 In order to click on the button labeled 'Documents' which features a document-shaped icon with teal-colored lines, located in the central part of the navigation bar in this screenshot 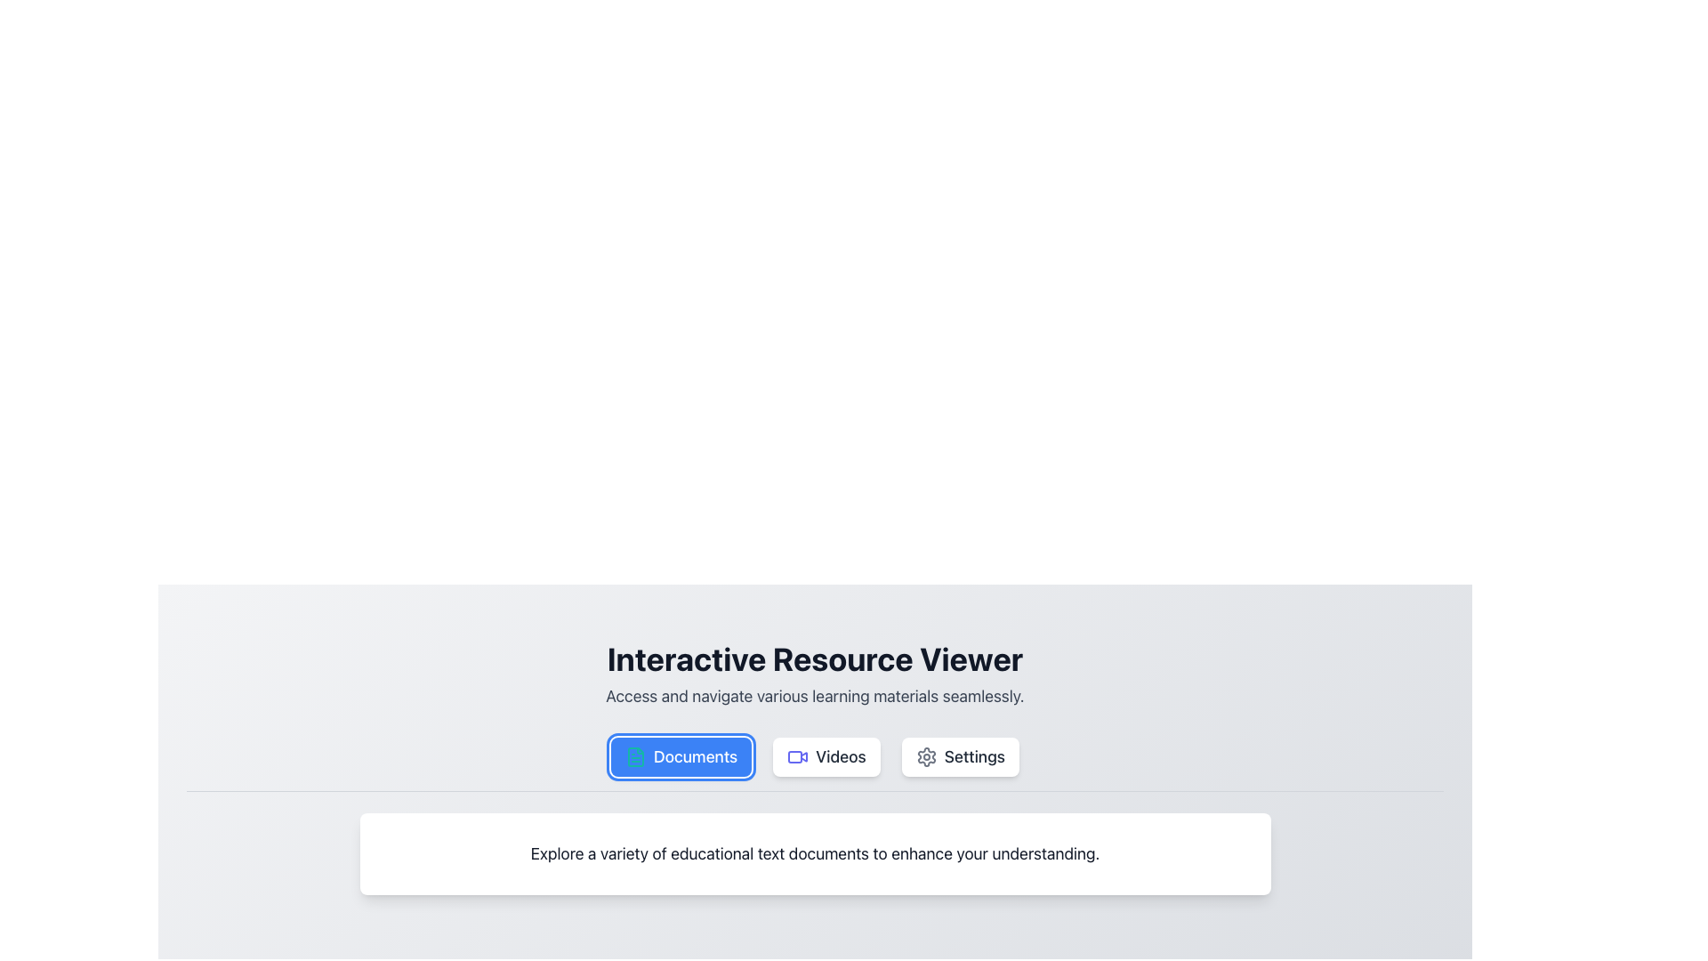, I will do `click(636, 757)`.